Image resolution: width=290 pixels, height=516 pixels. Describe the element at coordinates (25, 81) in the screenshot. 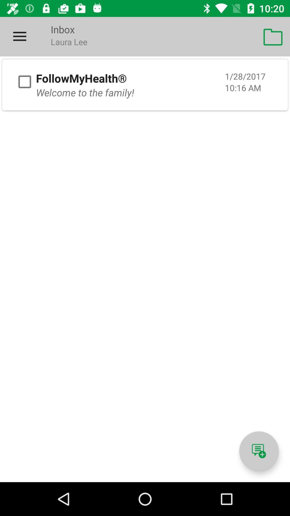

I see `checkbox for email` at that location.